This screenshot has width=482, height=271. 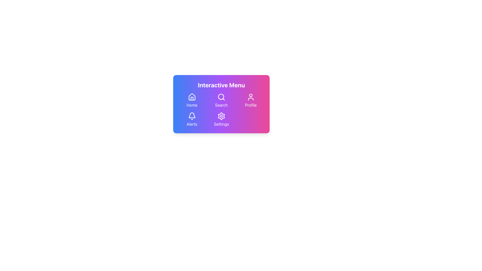 What do you see at coordinates (251, 101) in the screenshot?
I see `the profile navigation button located in the top-right portion of the 3x2 grid layout, which is the third button next to the 'Search' button` at bounding box center [251, 101].